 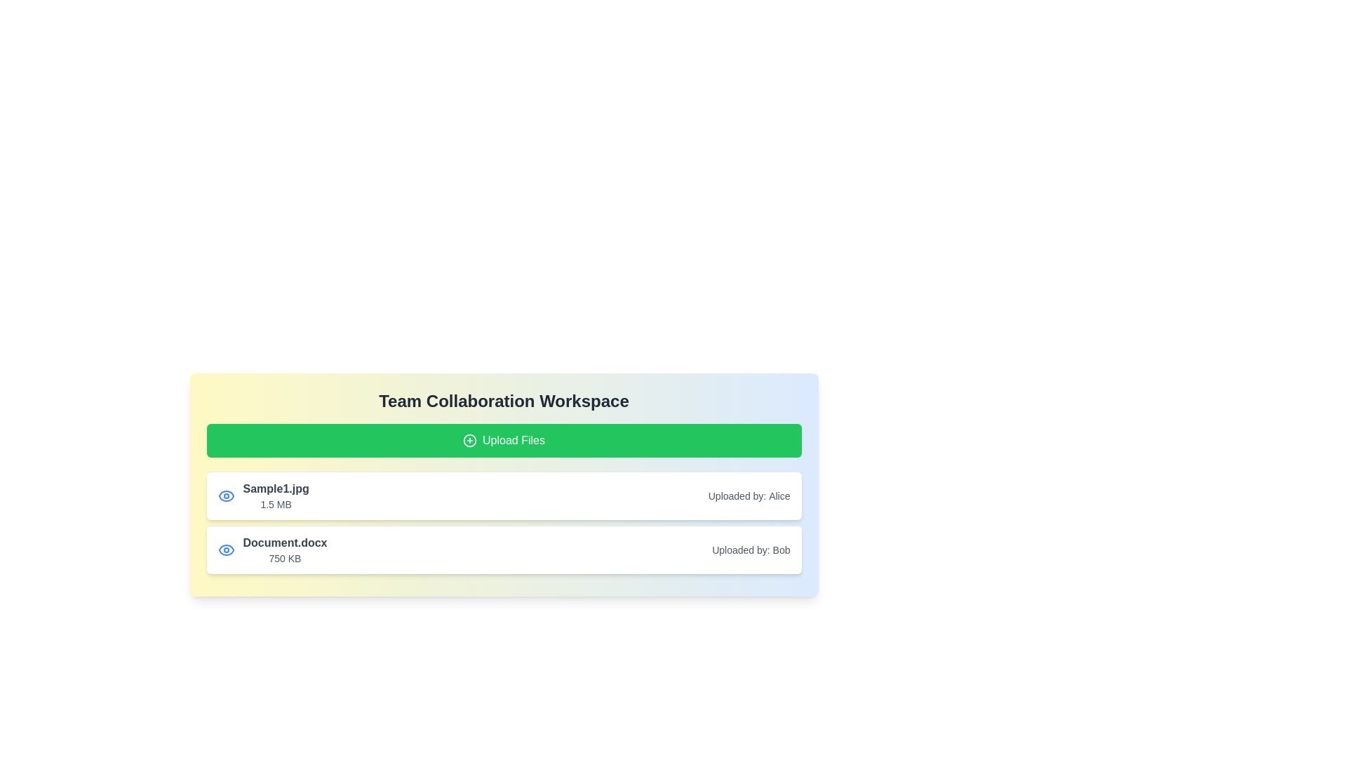 I want to click on the icon representing the preview action for 'Document.docx', so click(x=226, y=549).